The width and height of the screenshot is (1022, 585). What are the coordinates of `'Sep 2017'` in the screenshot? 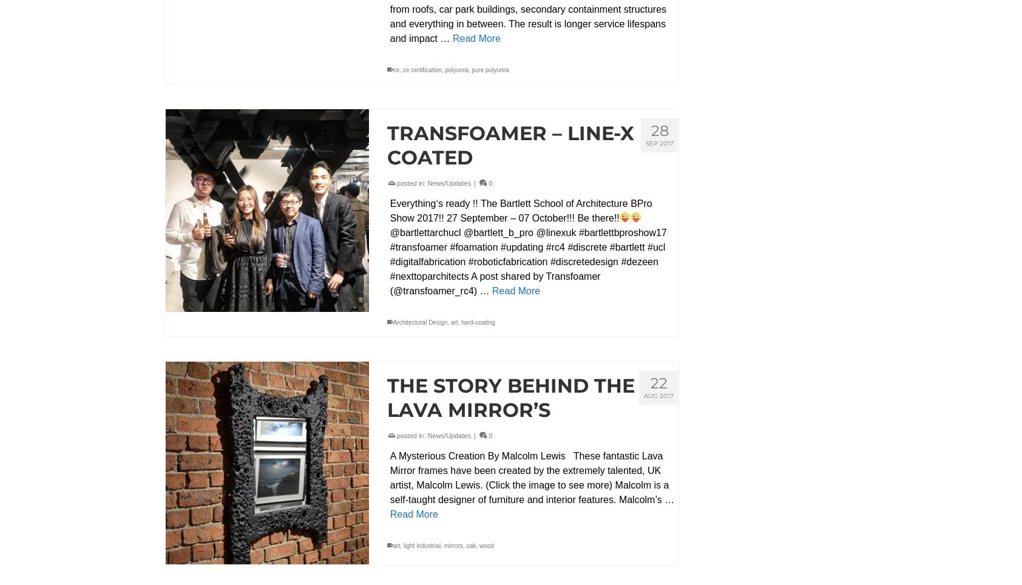 It's located at (645, 143).